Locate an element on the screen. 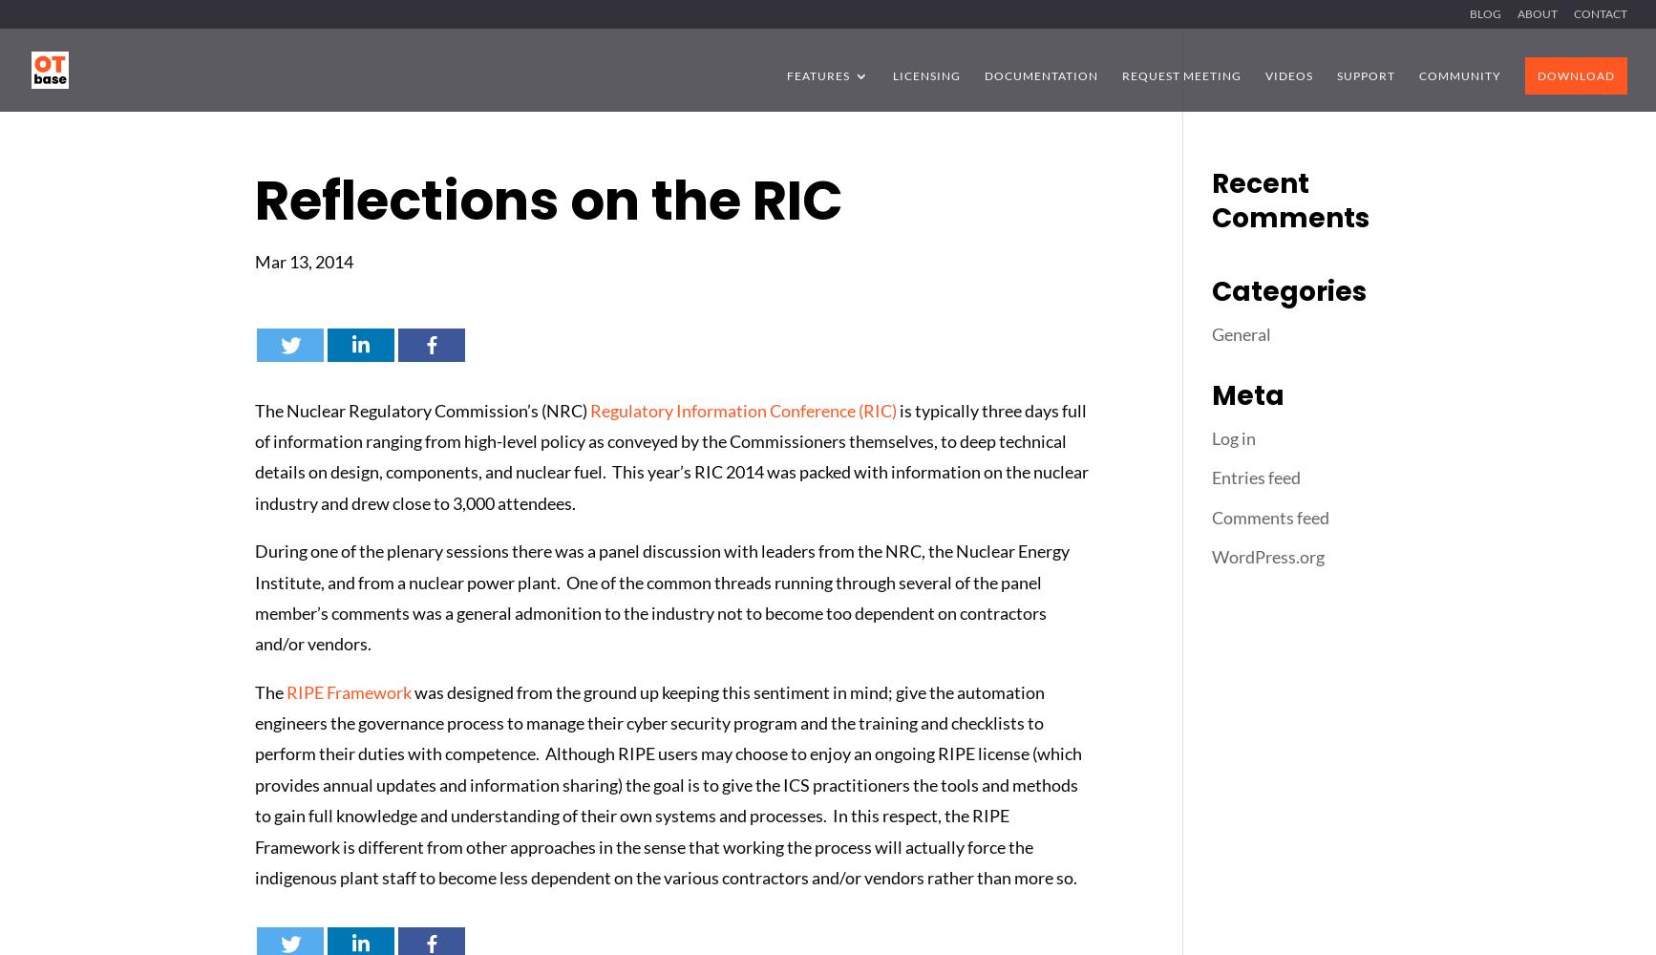 This screenshot has height=955, width=1656. 'Mar 13, 2014' is located at coordinates (304, 261).